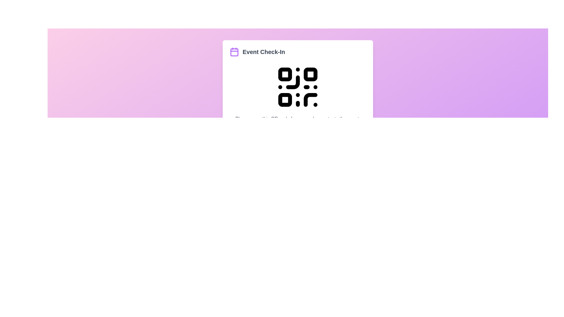  Describe the element at coordinates (285, 74) in the screenshot. I see `the top-left corner square of the QR code, which serves as an alignment indicator in the SVG graphic labeled 'lucide-qr-code'` at that location.